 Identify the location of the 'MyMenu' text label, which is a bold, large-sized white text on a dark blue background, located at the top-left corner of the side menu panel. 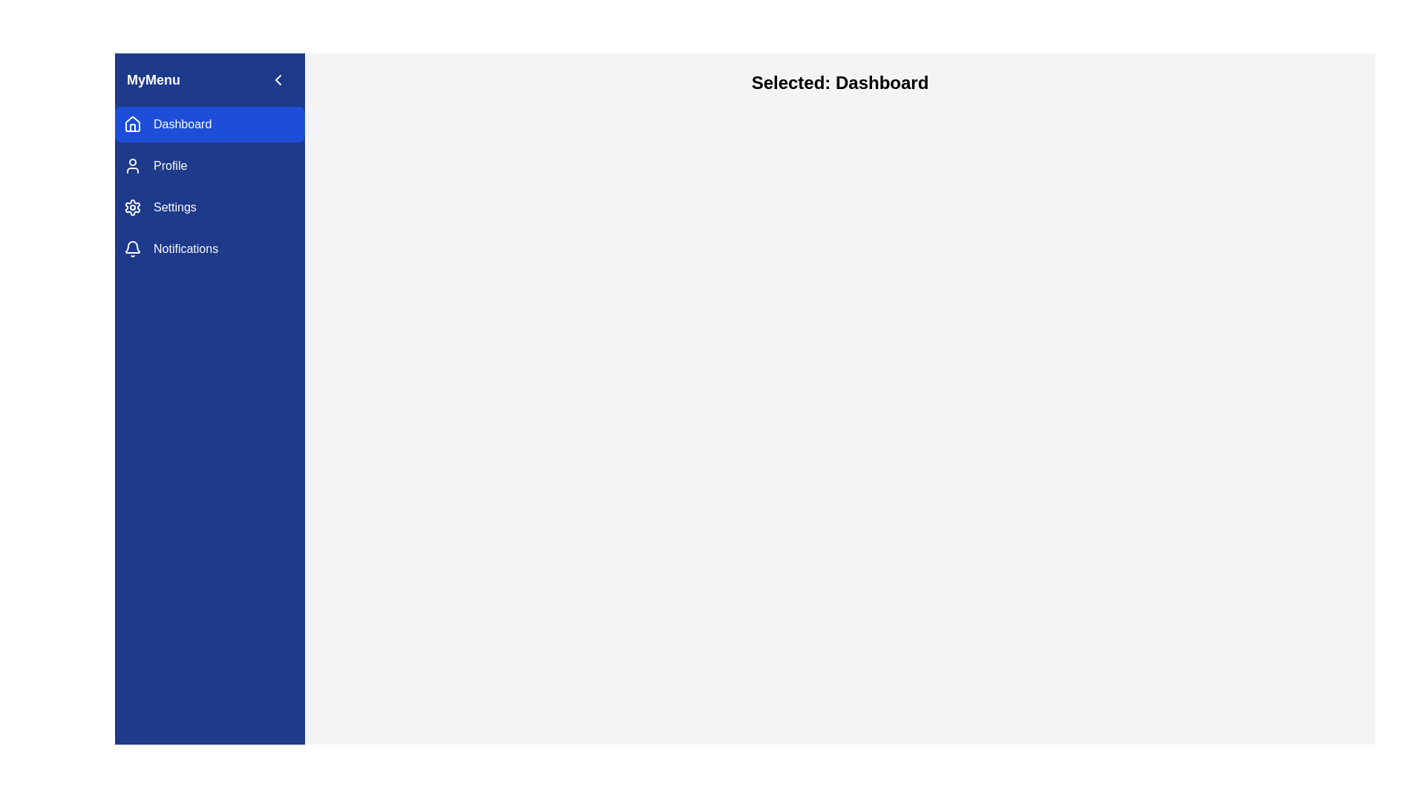
(153, 80).